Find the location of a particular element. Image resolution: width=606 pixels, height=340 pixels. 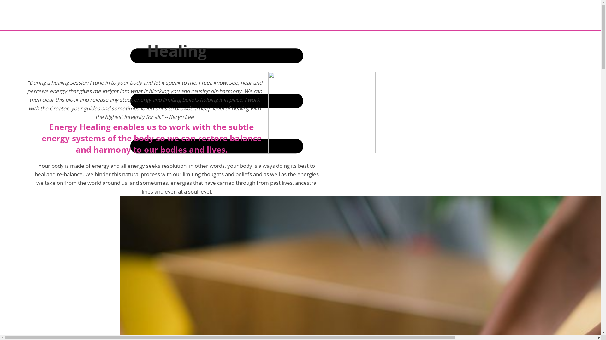

'klh photo shoot sml' is located at coordinates (322, 112).